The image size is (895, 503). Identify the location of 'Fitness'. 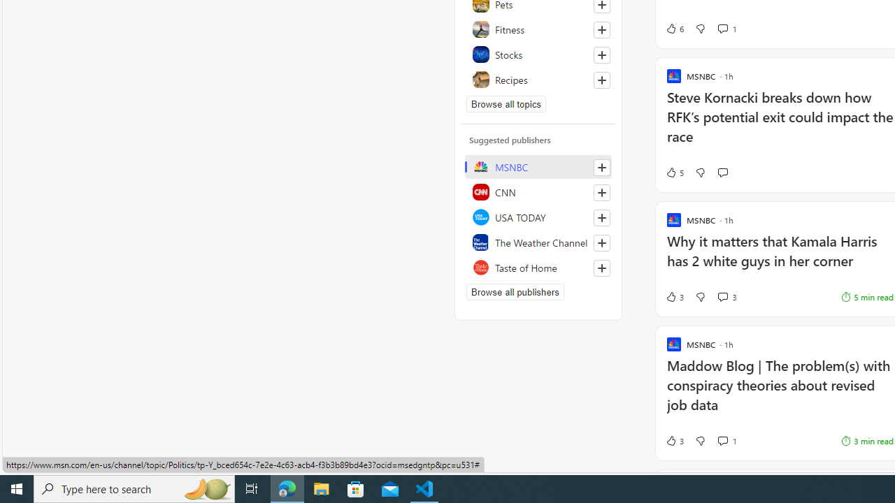
(538, 29).